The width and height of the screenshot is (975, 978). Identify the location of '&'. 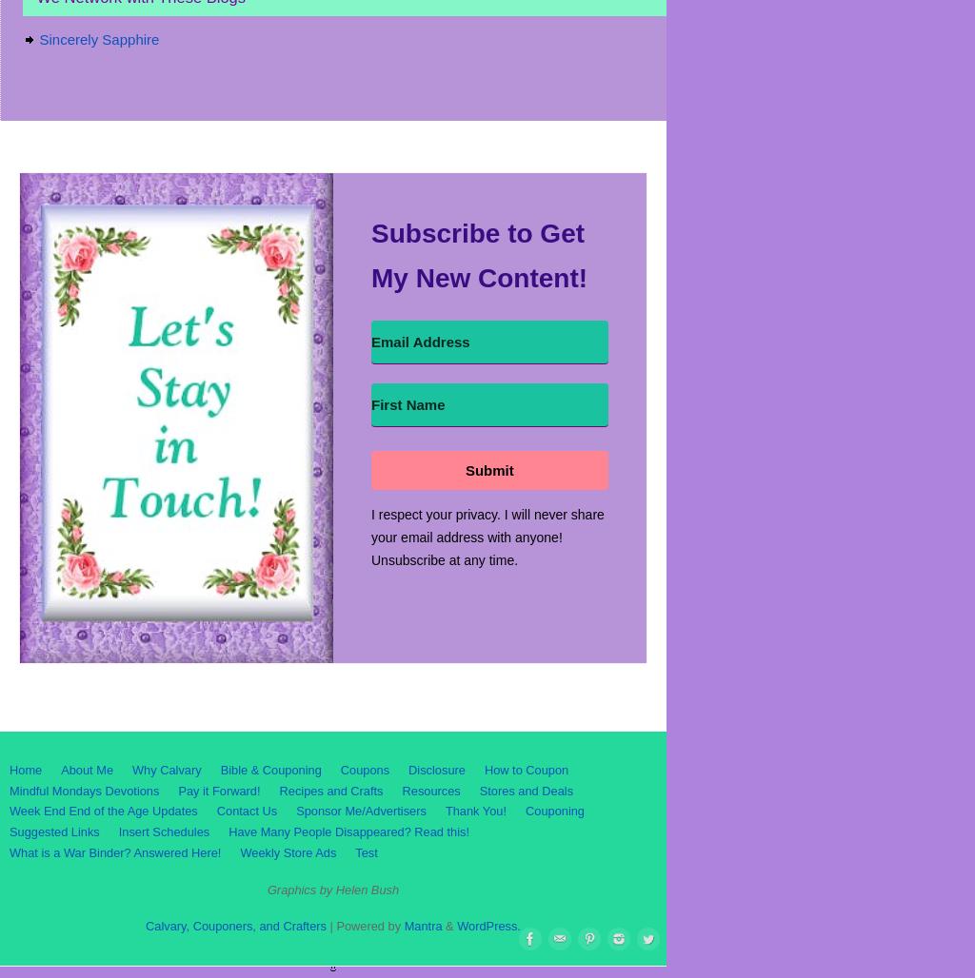
(448, 925).